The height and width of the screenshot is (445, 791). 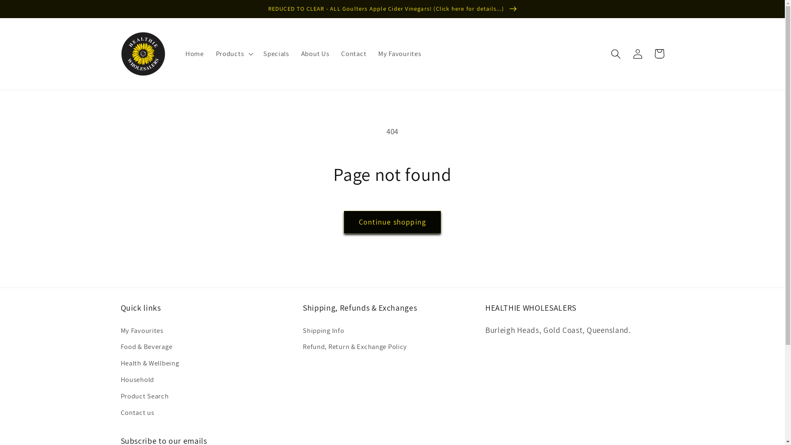 What do you see at coordinates (323, 331) in the screenshot?
I see `'Shipping Info'` at bounding box center [323, 331].